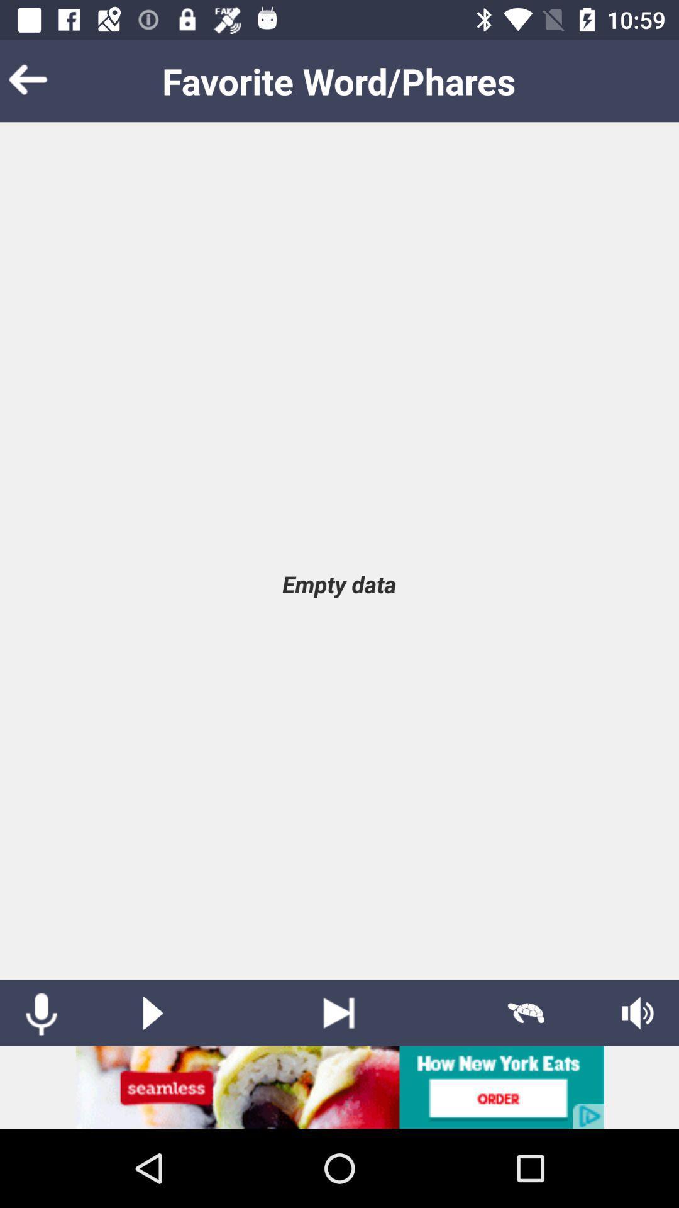 Image resolution: width=679 pixels, height=1208 pixels. What do you see at coordinates (152, 1013) in the screenshot?
I see `a favorite word/phares` at bounding box center [152, 1013].